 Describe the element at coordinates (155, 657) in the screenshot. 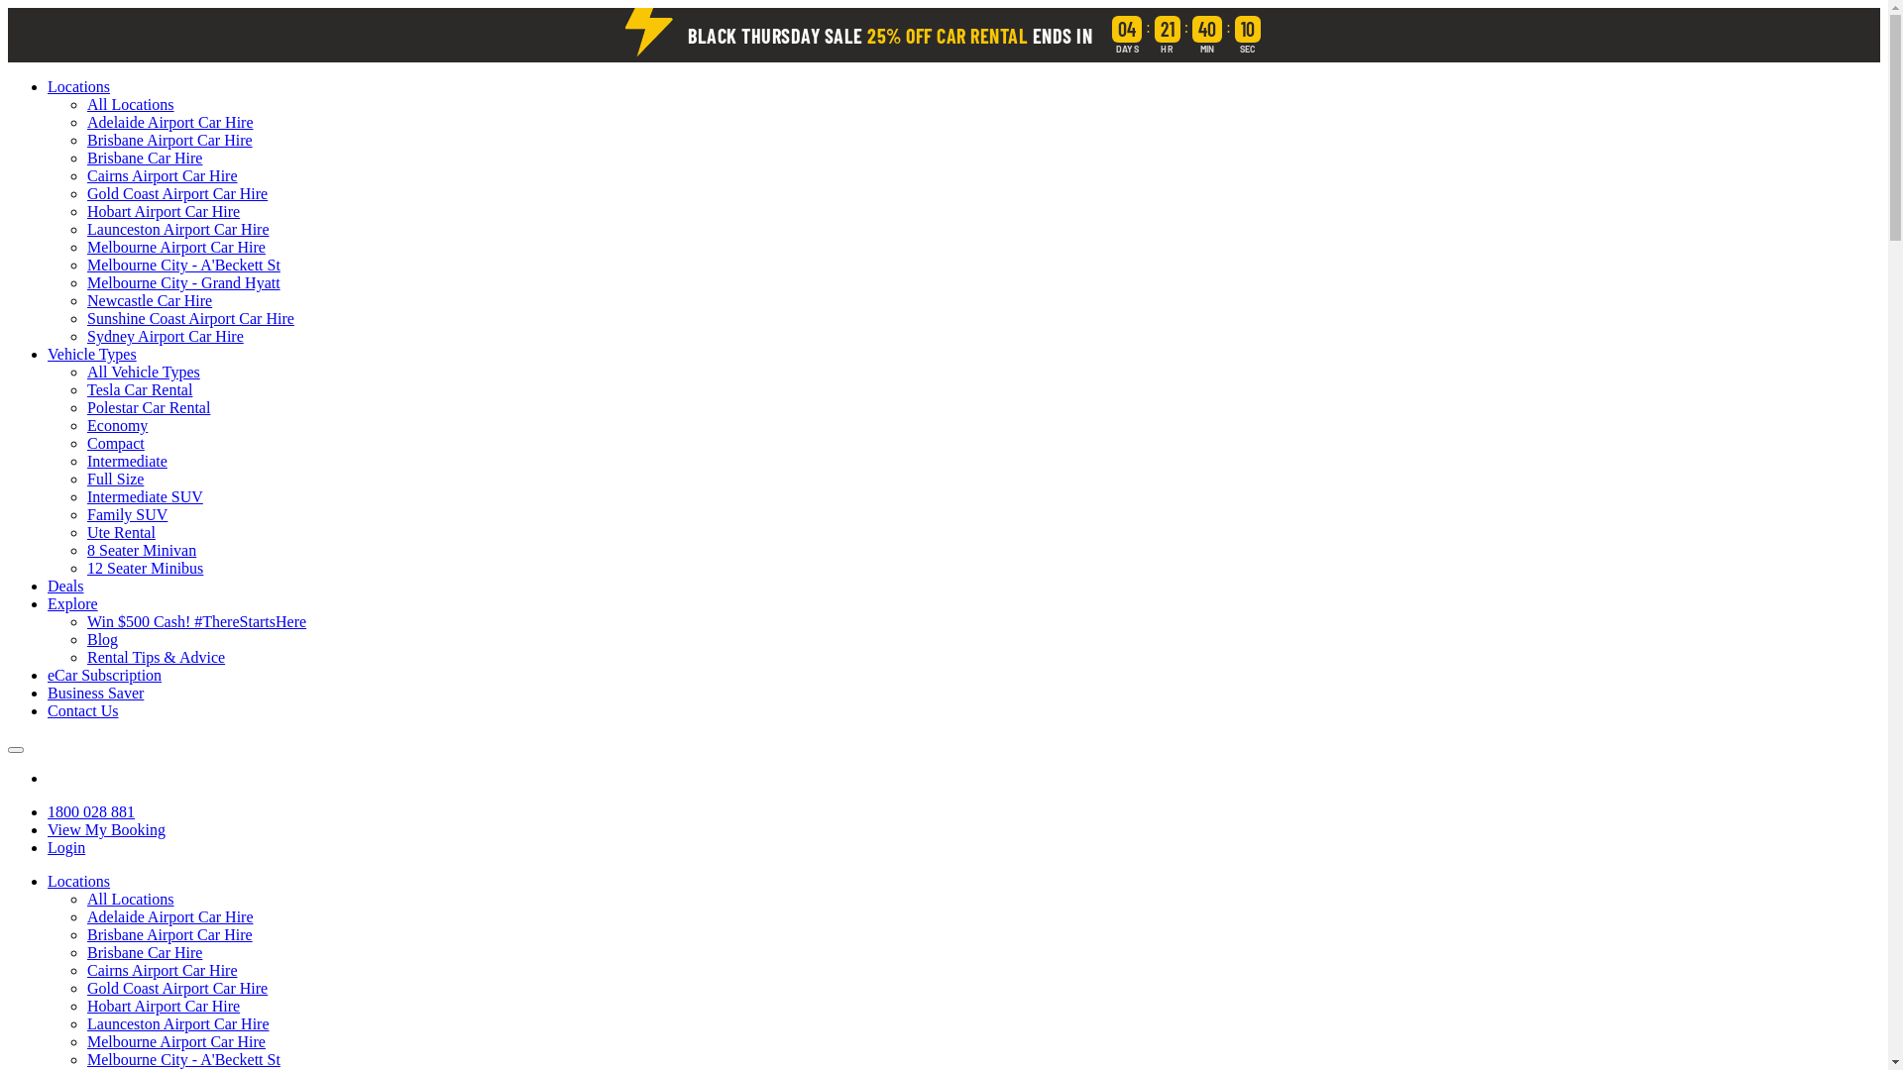

I see `'Rental Tips & Advice'` at that location.